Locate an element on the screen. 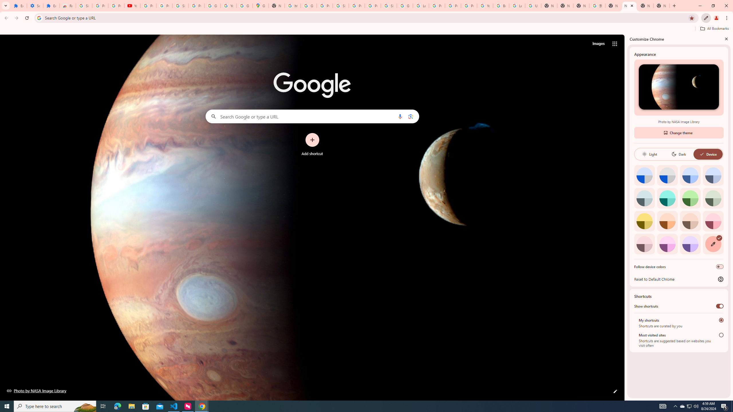  'Apricot' is located at coordinates (690, 221).